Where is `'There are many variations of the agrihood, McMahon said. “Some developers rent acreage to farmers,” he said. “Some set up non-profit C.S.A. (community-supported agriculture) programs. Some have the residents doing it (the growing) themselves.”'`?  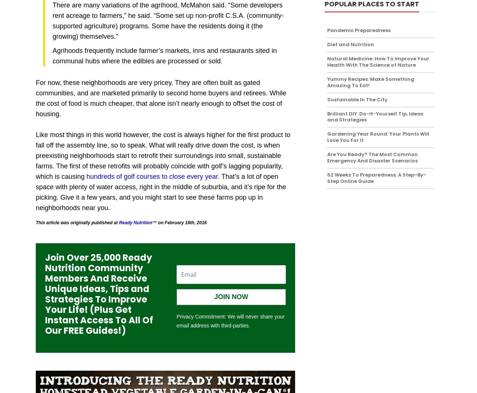
'There are many variations of the agrihood, McMahon said. “Some developers rent acreage to farmers,” he said. “Some set up non-profit C.S.A. (community-supported agriculture) programs. Some have the residents doing it (the growing) themselves.”' is located at coordinates (167, 21).